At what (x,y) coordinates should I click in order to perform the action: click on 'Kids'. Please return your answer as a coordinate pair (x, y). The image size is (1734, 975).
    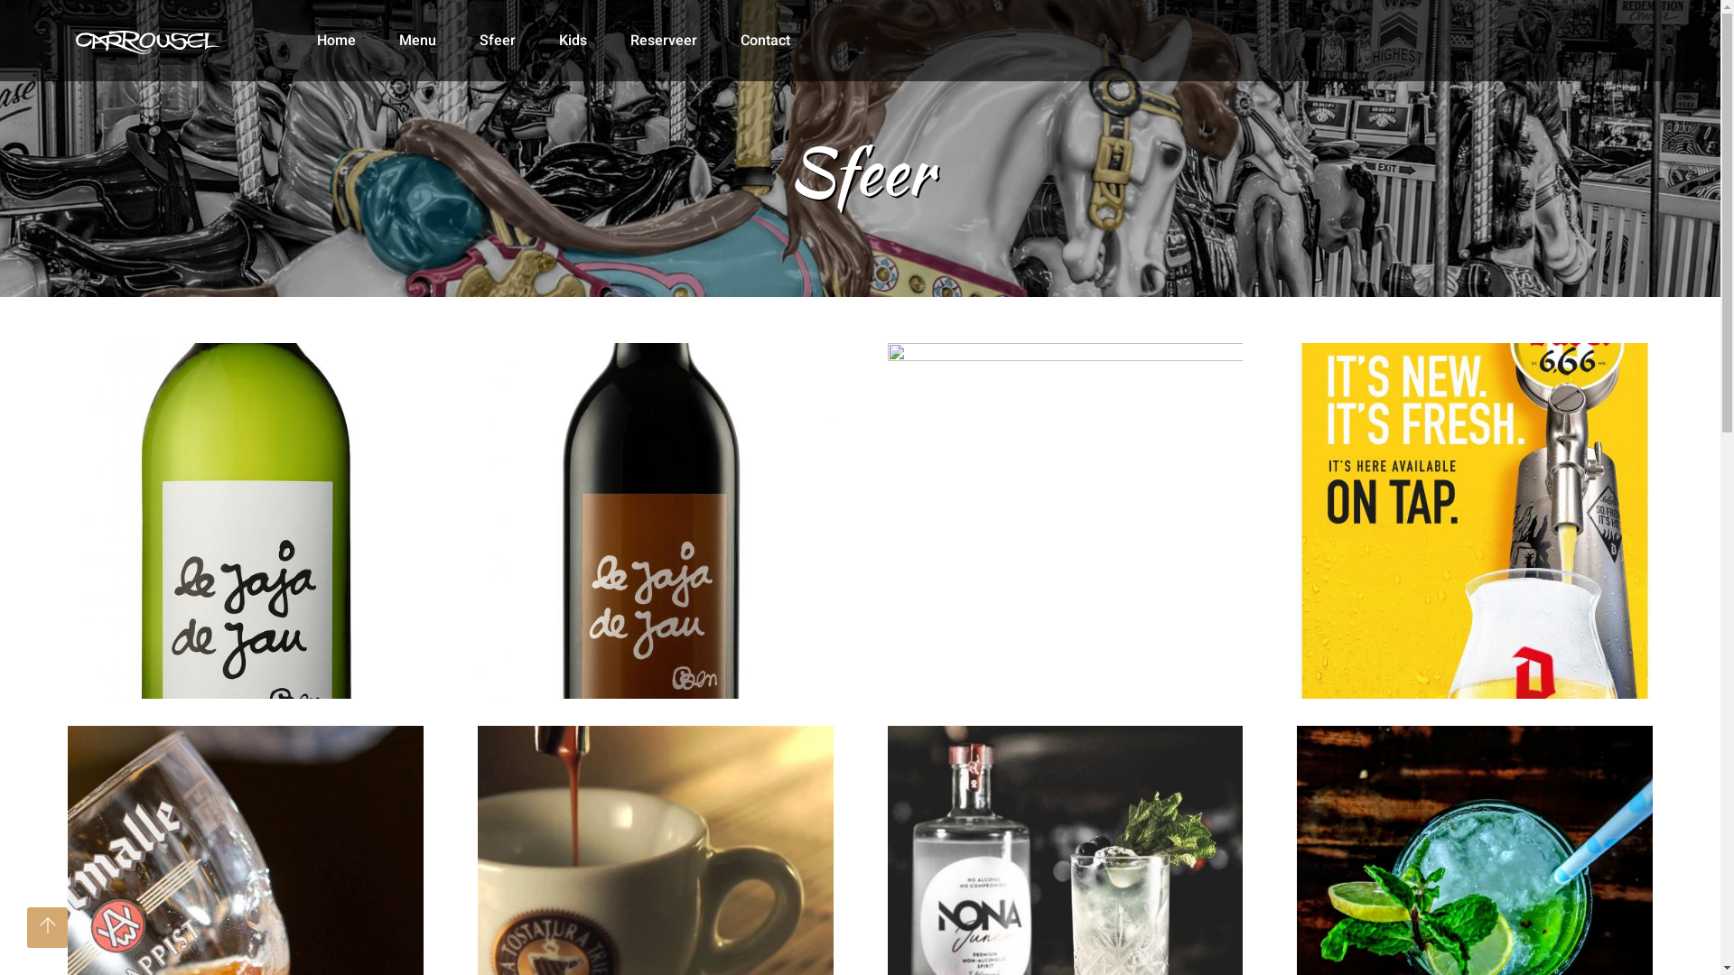
    Looking at the image, I should click on (572, 41).